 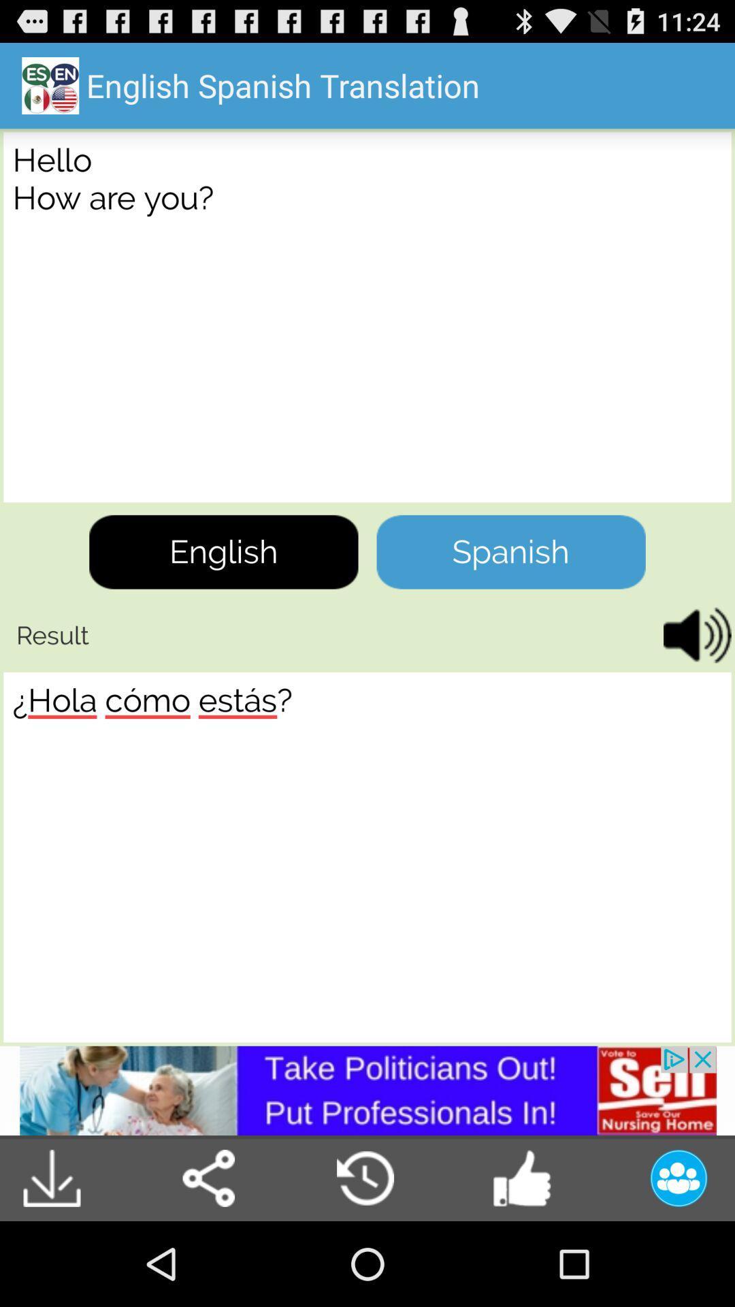 I want to click on the text in the white box which is just below the english spanishtranslation, so click(x=367, y=316).